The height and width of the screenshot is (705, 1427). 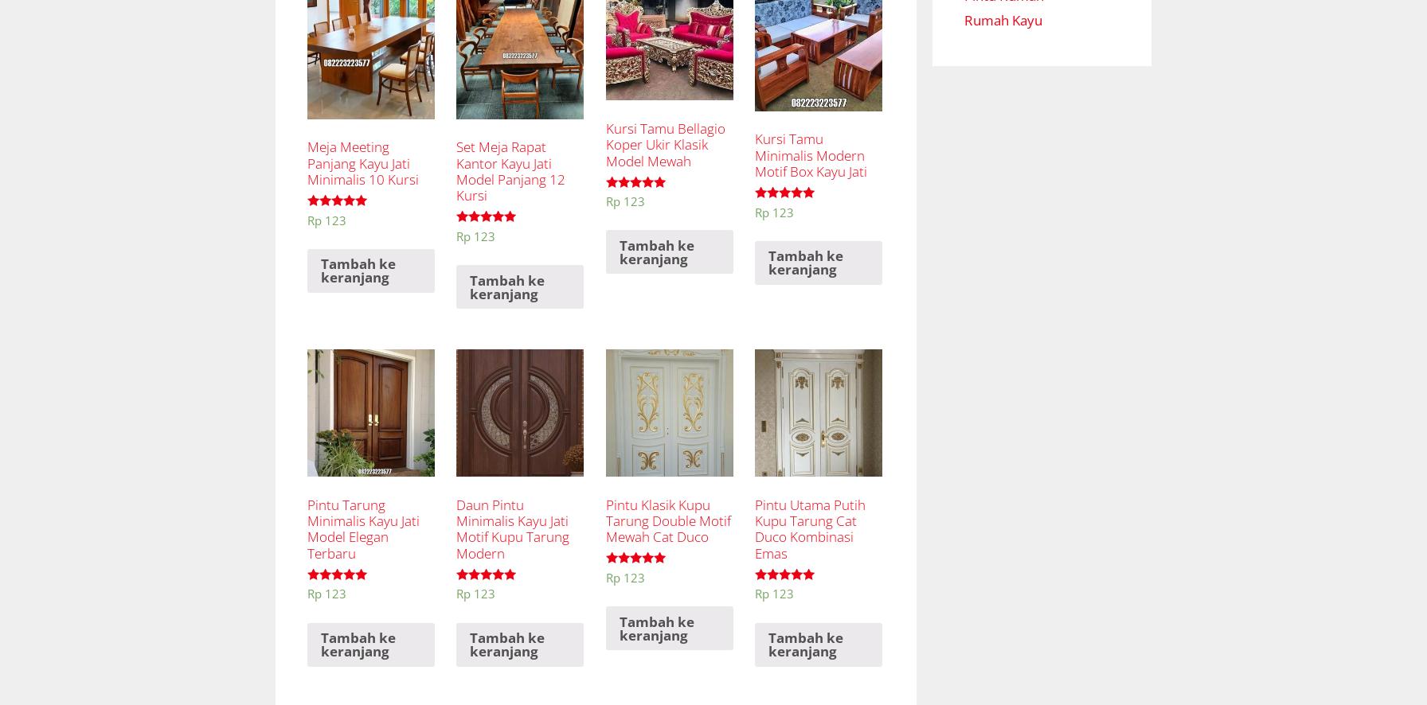 I want to click on 'Pintu Tarung Minimalis Kayu Jati Model Elegan Terbaru', so click(x=363, y=528).